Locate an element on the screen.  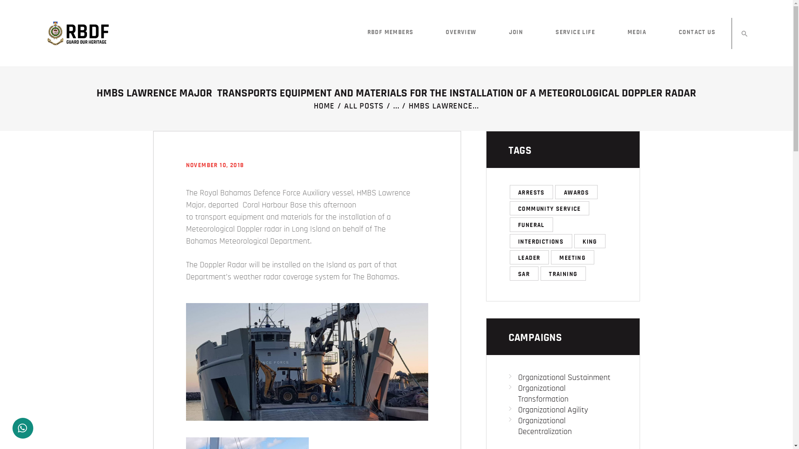
'NOVEMBER 10, 2018' is located at coordinates (215, 165).